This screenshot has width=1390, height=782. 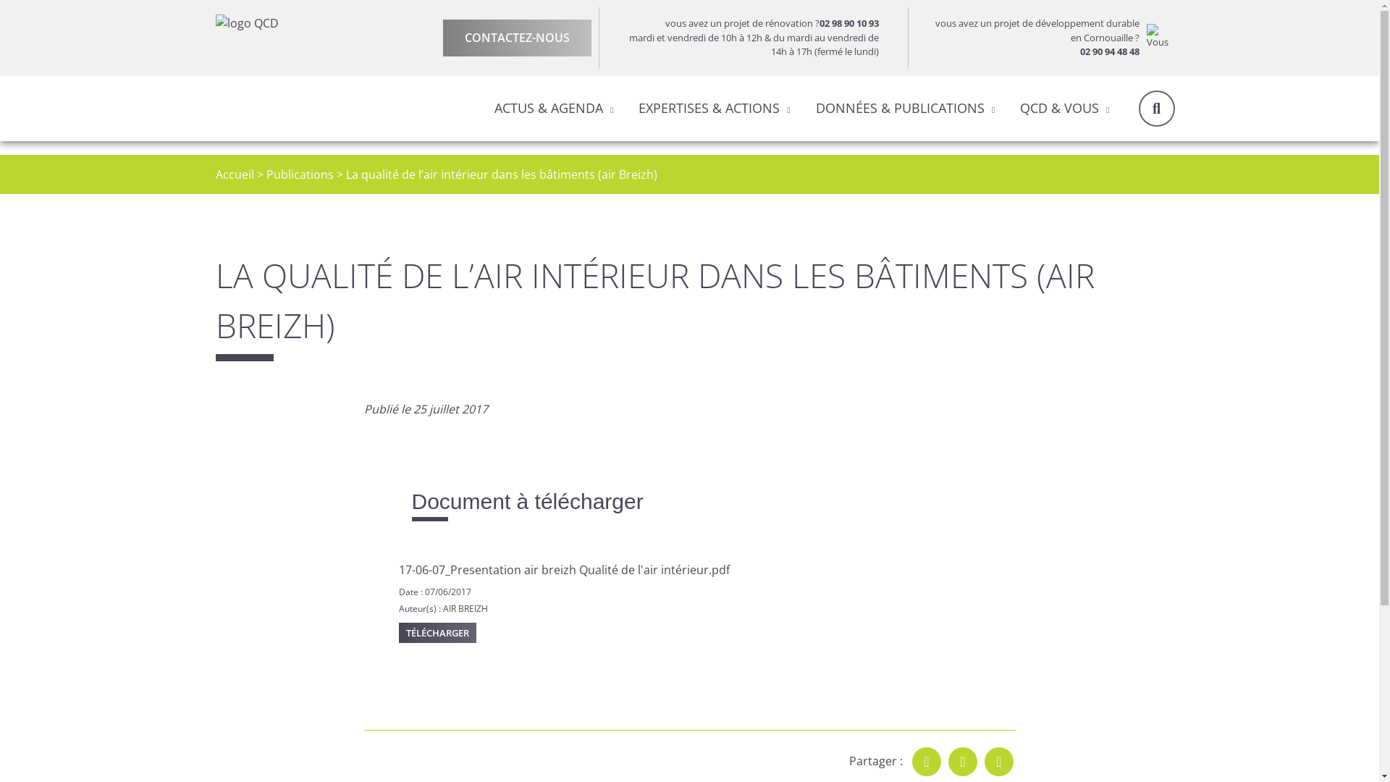 I want to click on 'Linkedin', so click(x=998, y=761).